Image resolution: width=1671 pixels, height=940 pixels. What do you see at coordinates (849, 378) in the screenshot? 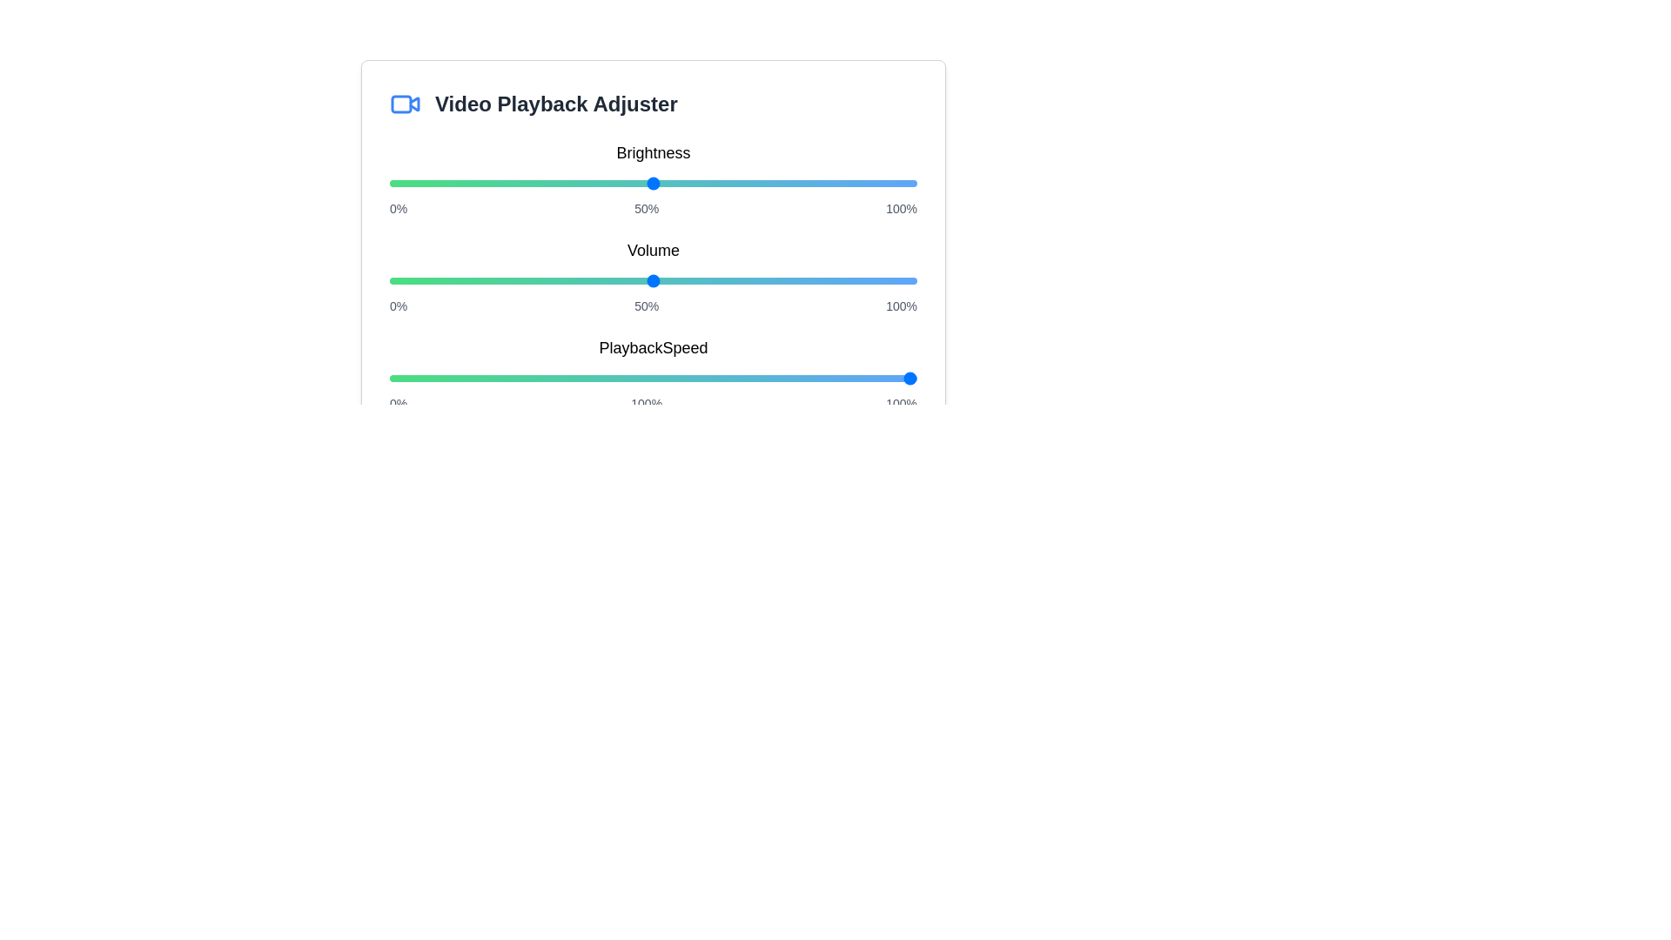
I see `the playback speed slider to 87%` at bounding box center [849, 378].